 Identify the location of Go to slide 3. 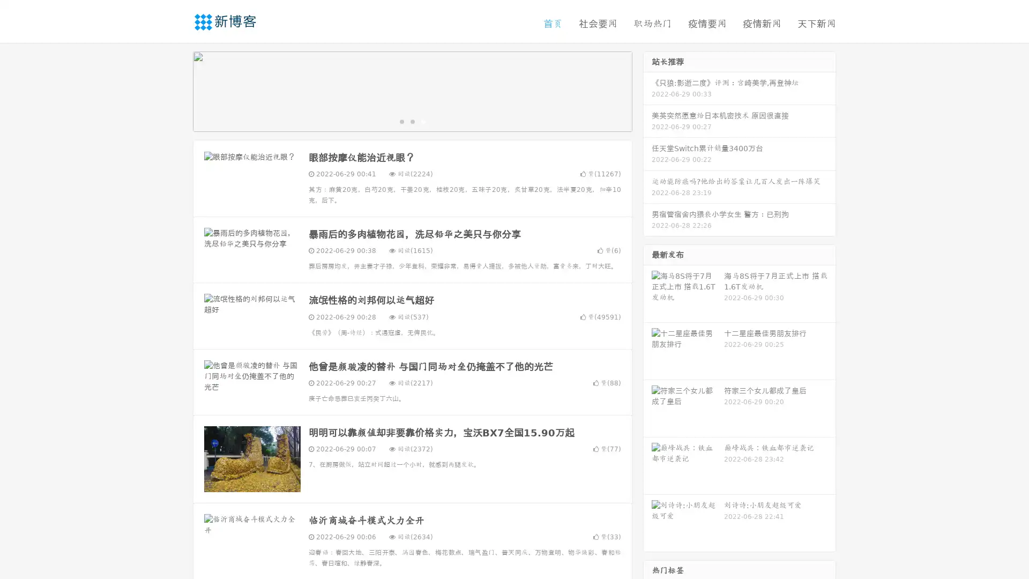
(423, 121).